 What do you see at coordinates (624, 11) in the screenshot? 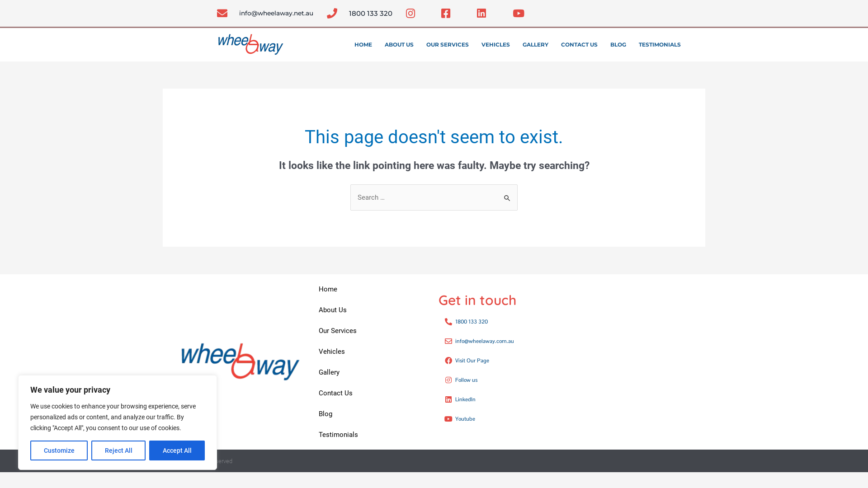
I see `'Facebook'` at bounding box center [624, 11].